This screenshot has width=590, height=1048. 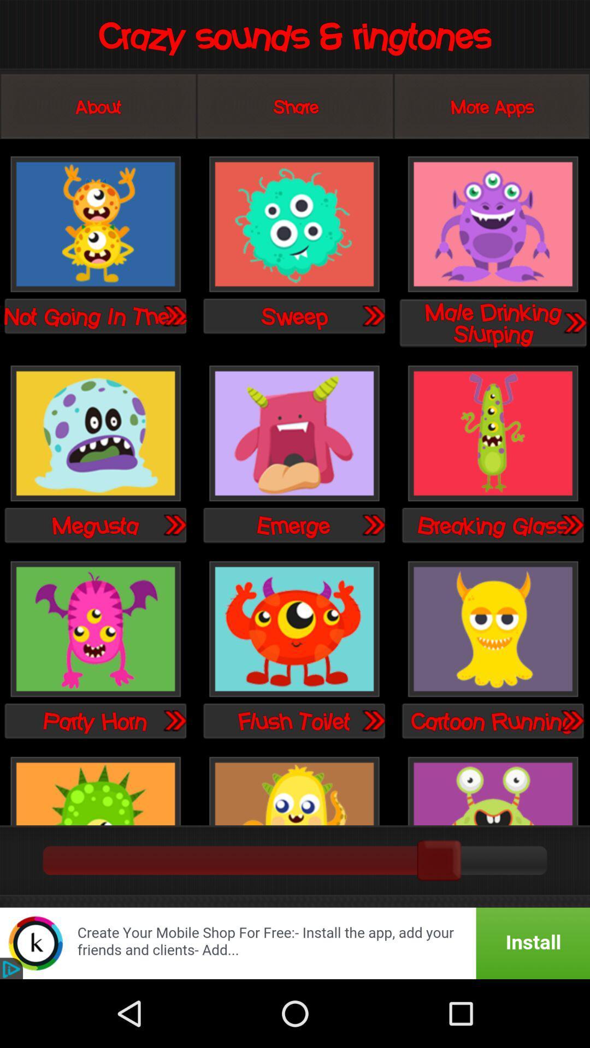 I want to click on option, so click(x=293, y=789).